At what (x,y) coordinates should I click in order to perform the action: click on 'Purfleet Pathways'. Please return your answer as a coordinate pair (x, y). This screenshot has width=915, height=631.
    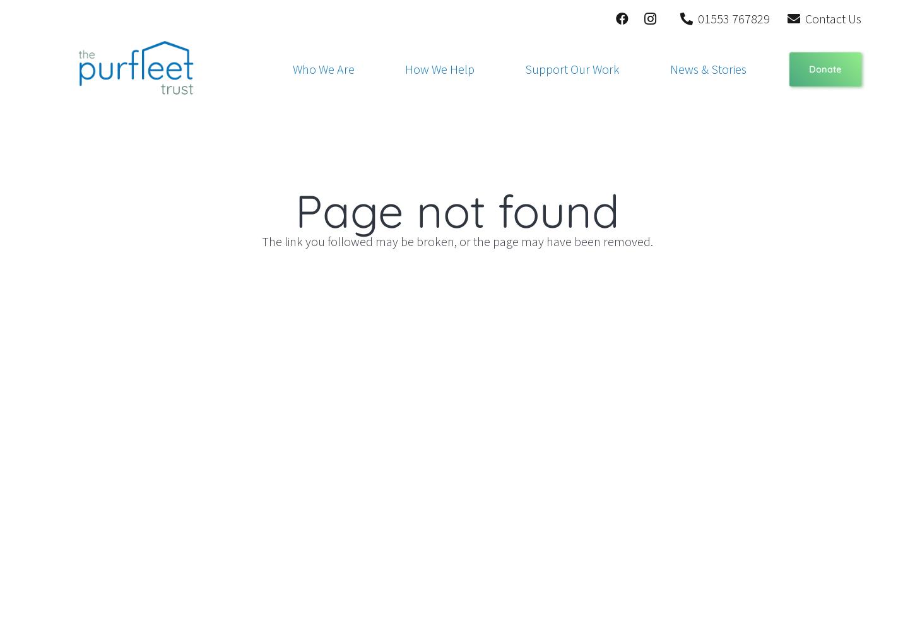
    Looking at the image, I should click on (438, 219).